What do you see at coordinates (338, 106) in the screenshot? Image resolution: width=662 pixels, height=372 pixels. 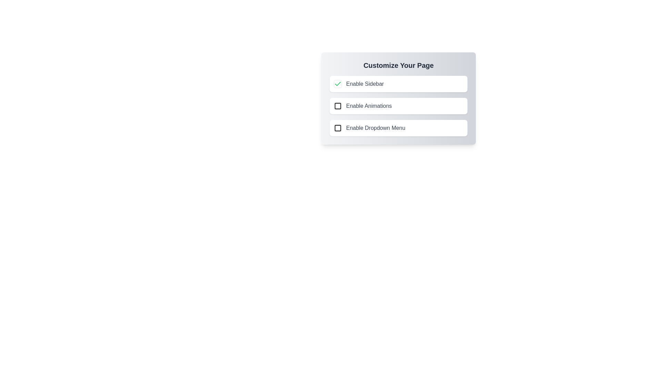 I see `the toggleable feature icon inside the button located beneath the 'Enable Sidebar' option and above the 'Enable Dropdown Menu' option` at bounding box center [338, 106].